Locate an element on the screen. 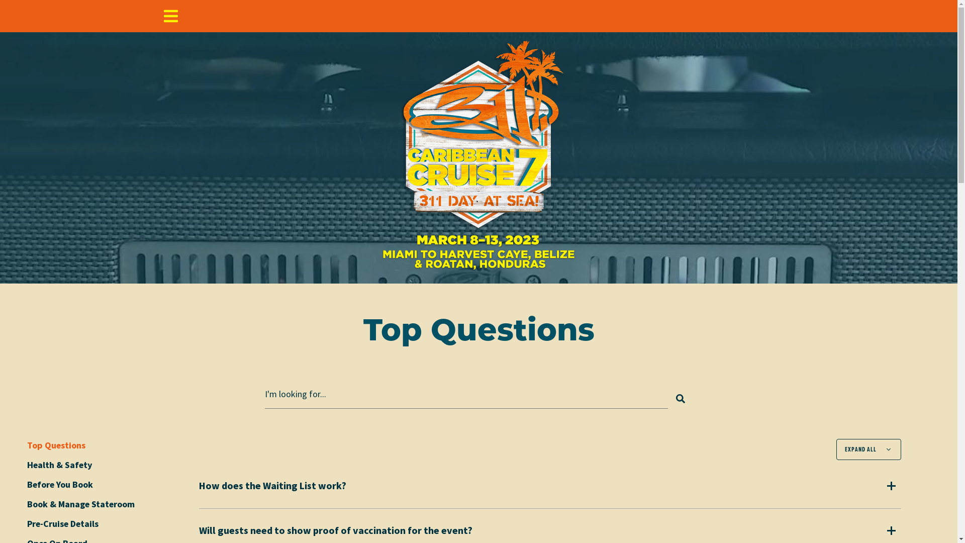 Image resolution: width=965 pixels, height=543 pixels. 'EXPAND ALL' is located at coordinates (868, 448).